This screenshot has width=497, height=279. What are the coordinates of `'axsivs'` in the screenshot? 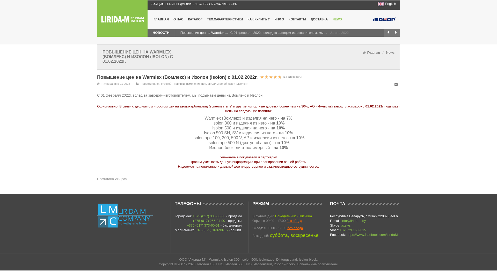 It's located at (346, 225).